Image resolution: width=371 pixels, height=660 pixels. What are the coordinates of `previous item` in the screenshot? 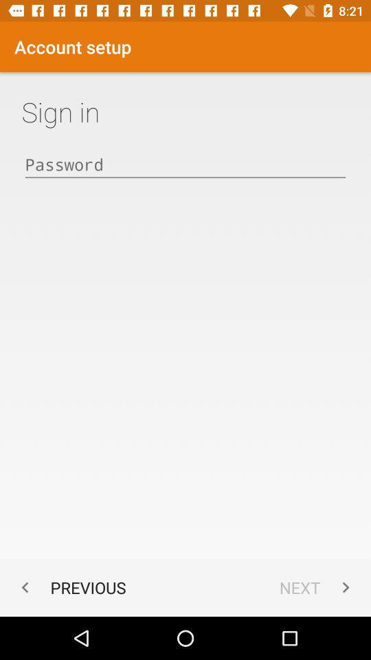 It's located at (70, 586).